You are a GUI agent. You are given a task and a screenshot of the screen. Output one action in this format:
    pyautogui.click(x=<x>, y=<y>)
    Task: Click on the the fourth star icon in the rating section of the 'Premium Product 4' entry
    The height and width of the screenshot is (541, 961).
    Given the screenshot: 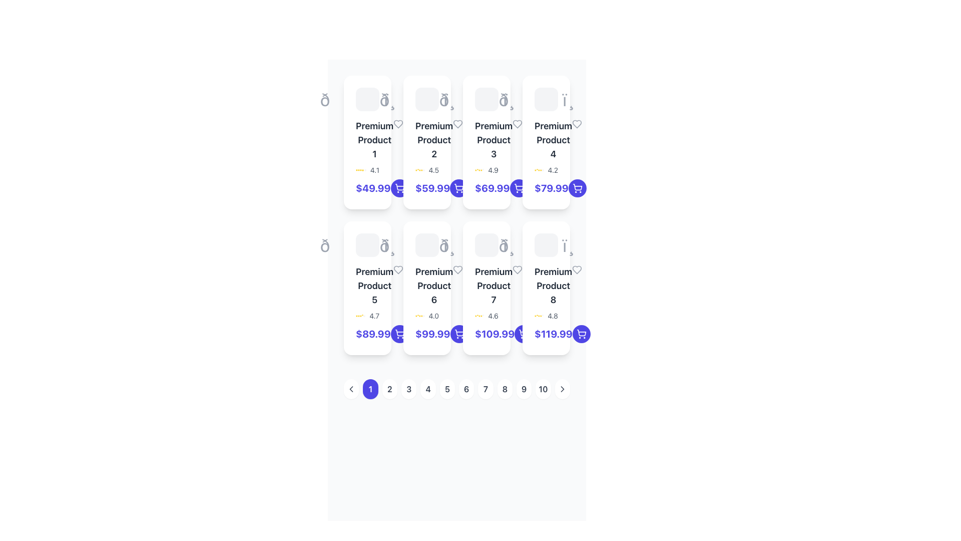 What is the action you would take?
    pyautogui.click(x=539, y=169)
    